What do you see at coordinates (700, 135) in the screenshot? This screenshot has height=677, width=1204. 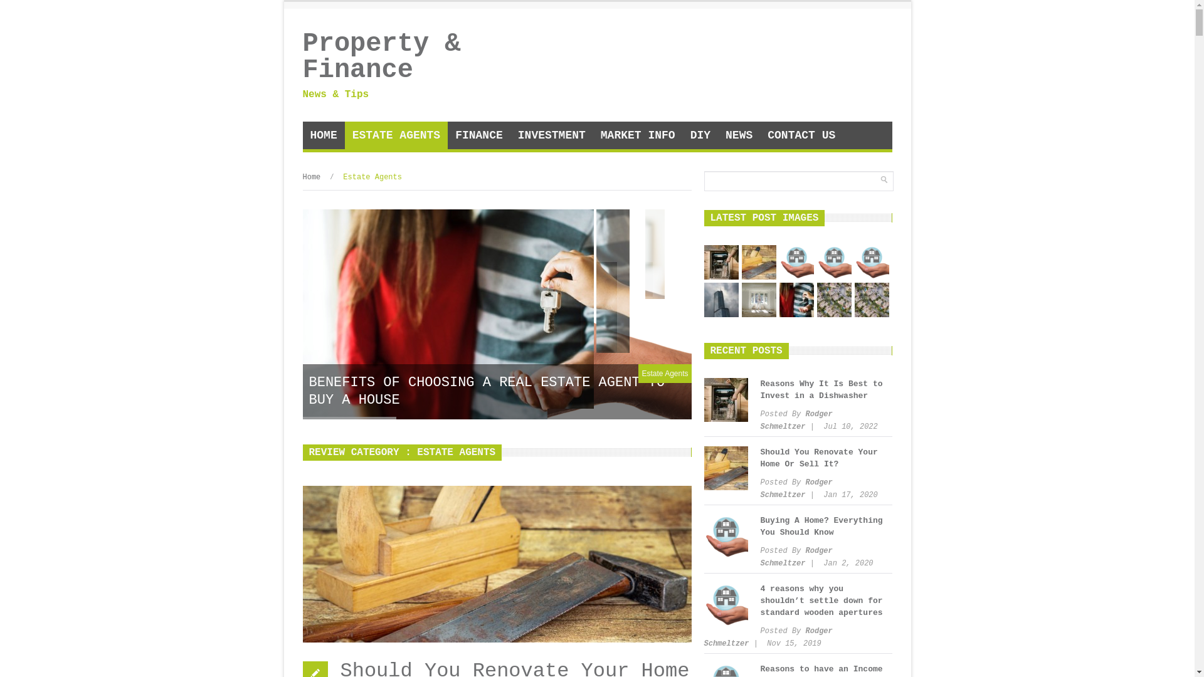 I see `'DIY'` at bounding box center [700, 135].